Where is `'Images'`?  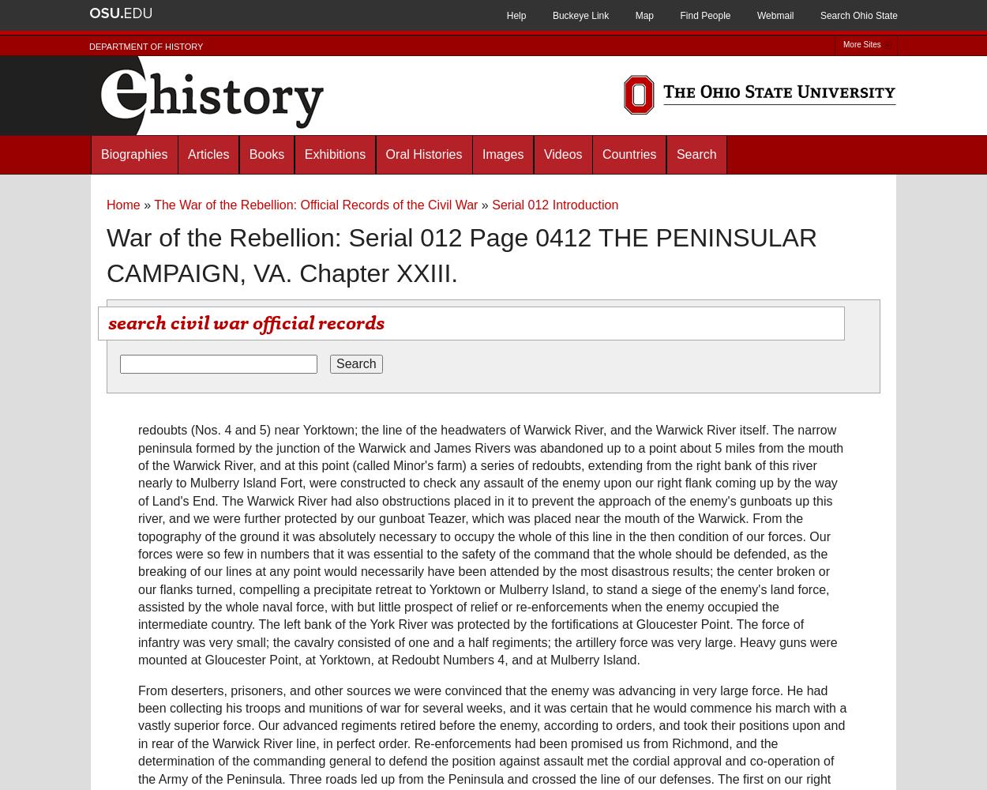 'Images' is located at coordinates (502, 153).